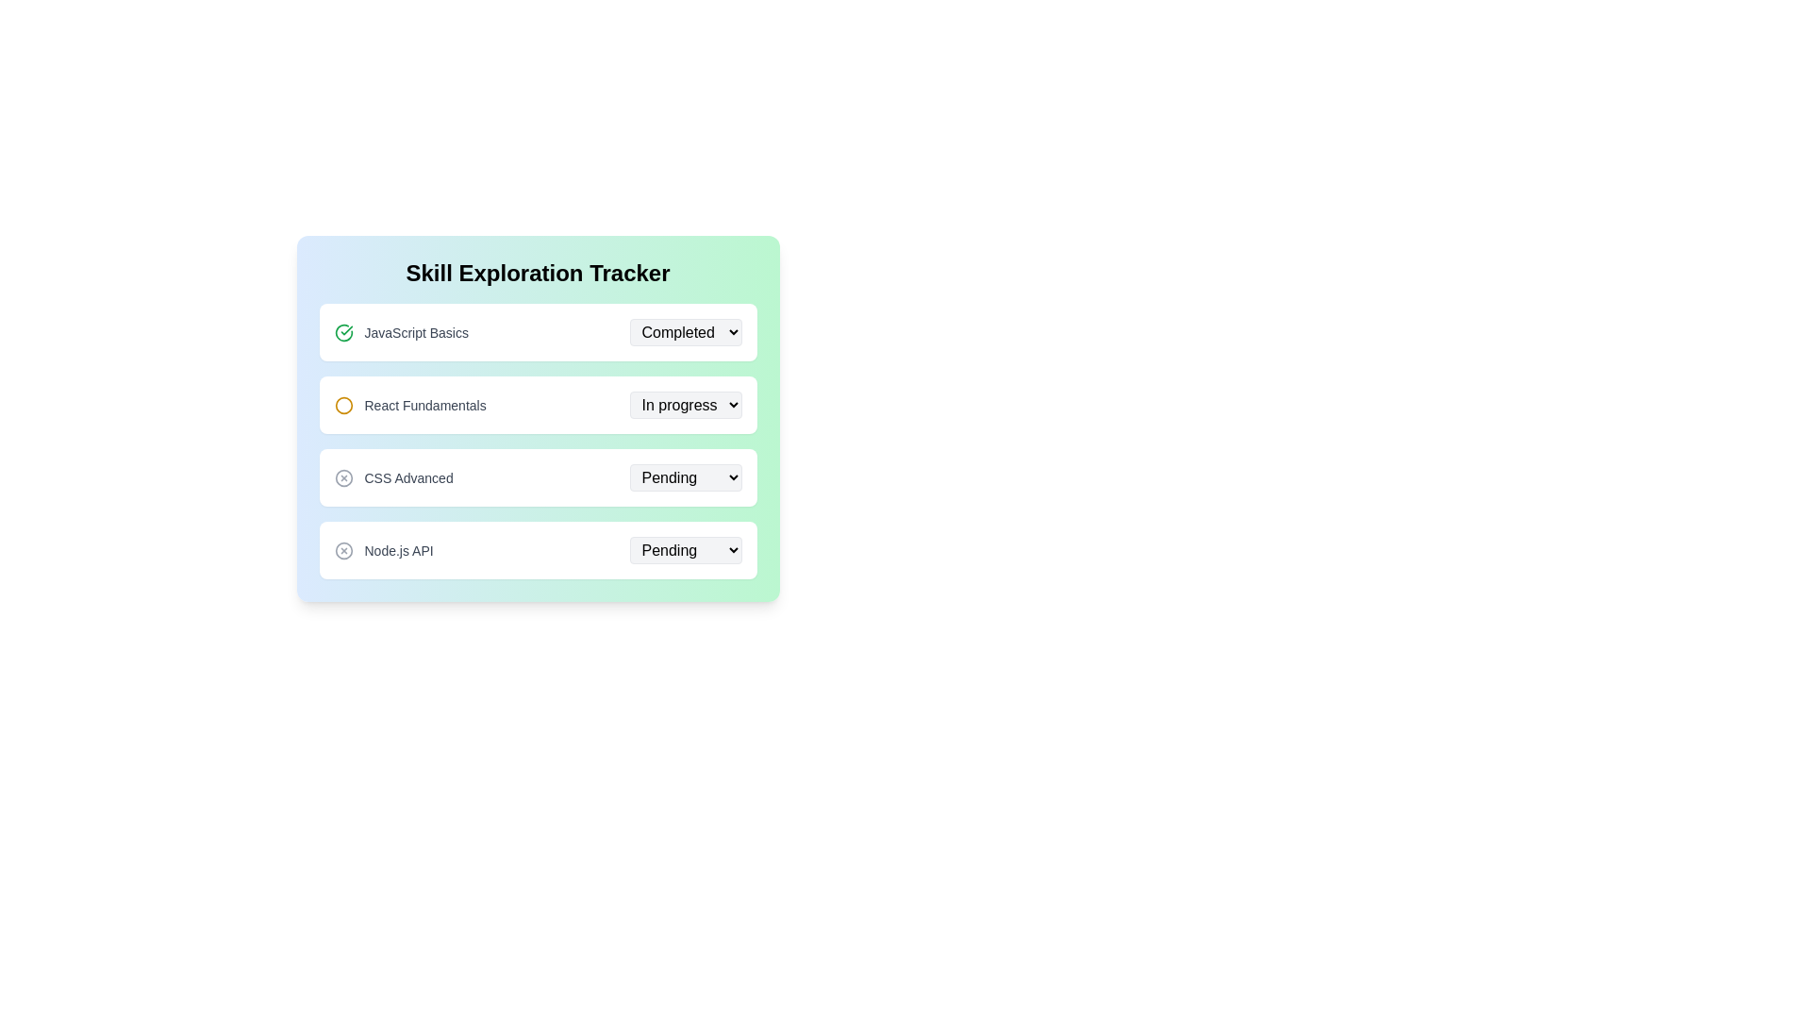 Image resolution: width=1811 pixels, height=1019 pixels. Describe the element at coordinates (343, 476) in the screenshot. I see `the filled circular component within the 'Skill Exploration Tracker' interface, located to the left of the 'CSS Advanced' text` at that location.